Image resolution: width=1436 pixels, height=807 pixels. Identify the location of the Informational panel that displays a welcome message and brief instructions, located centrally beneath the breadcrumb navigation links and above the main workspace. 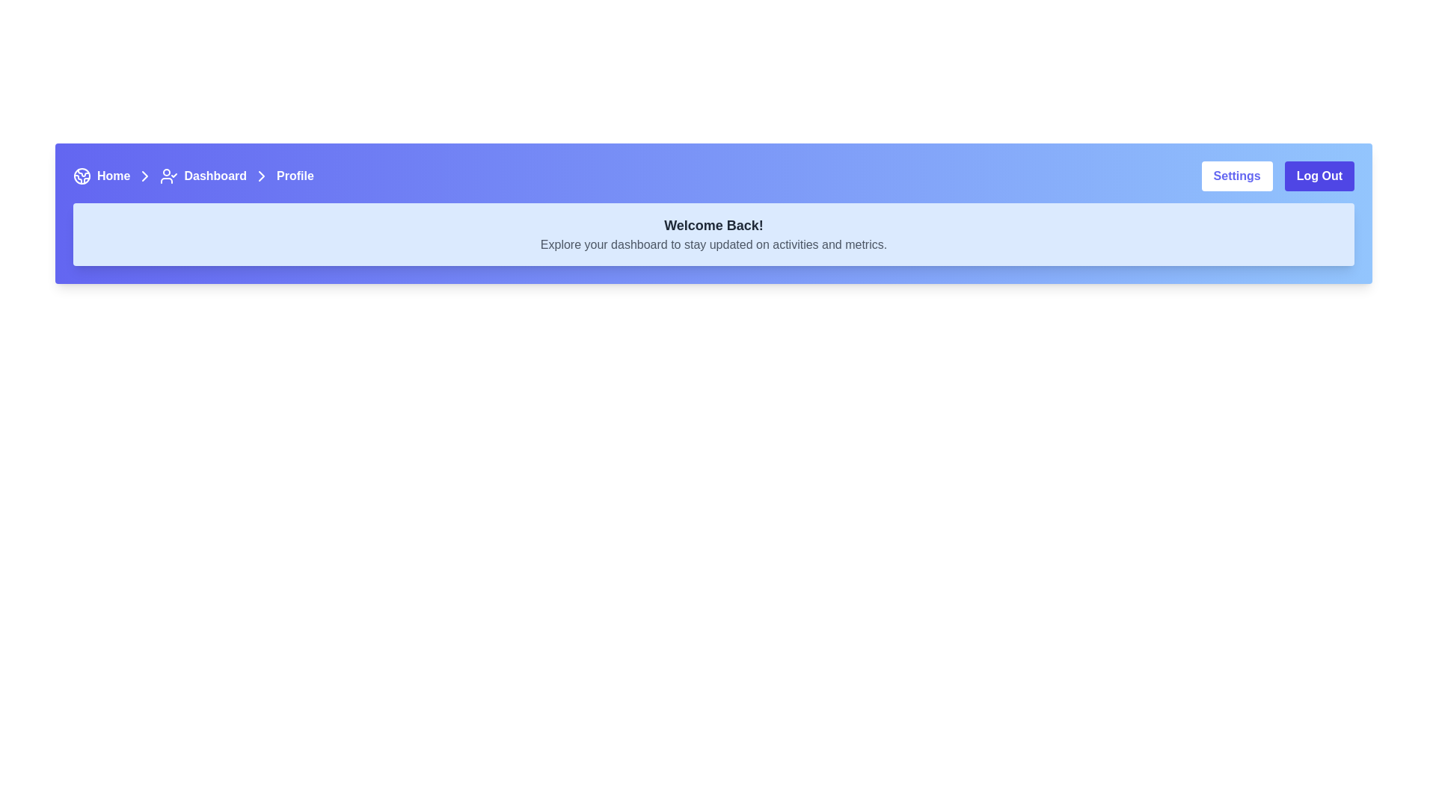
(713, 234).